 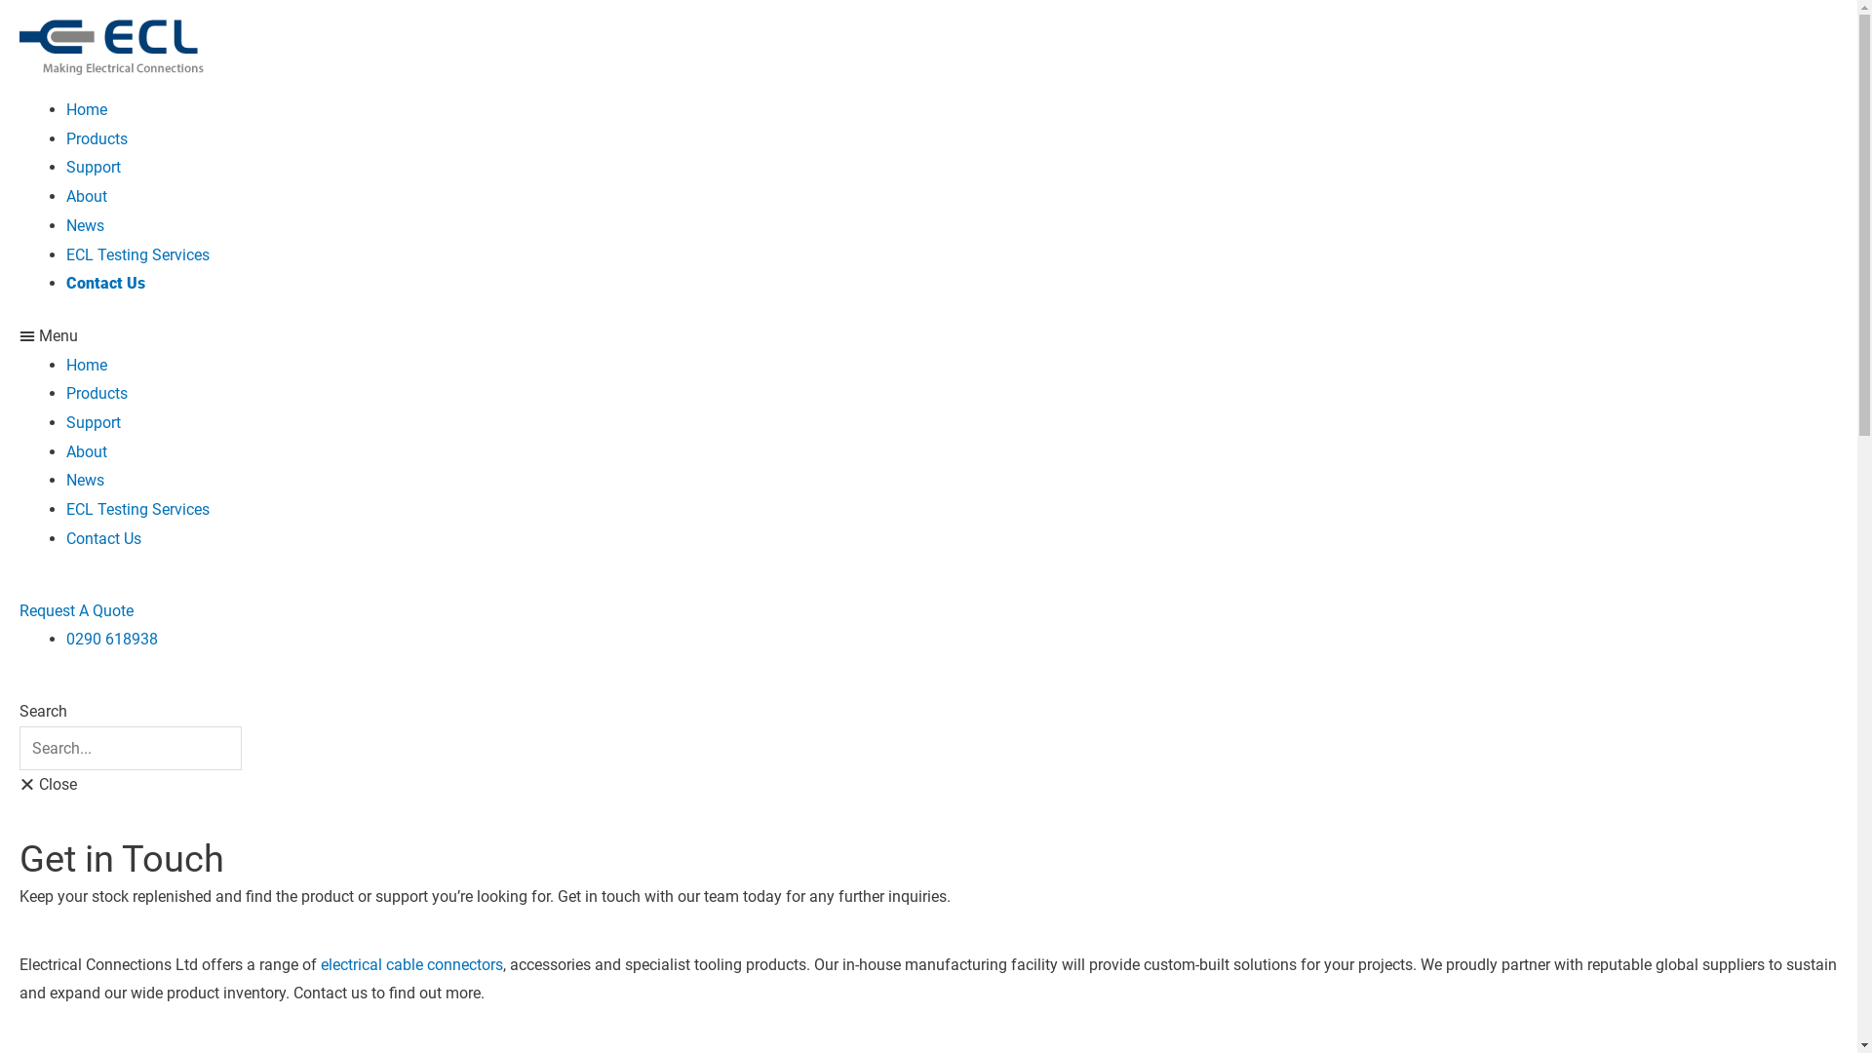 I want to click on 'Products', so click(x=96, y=137).